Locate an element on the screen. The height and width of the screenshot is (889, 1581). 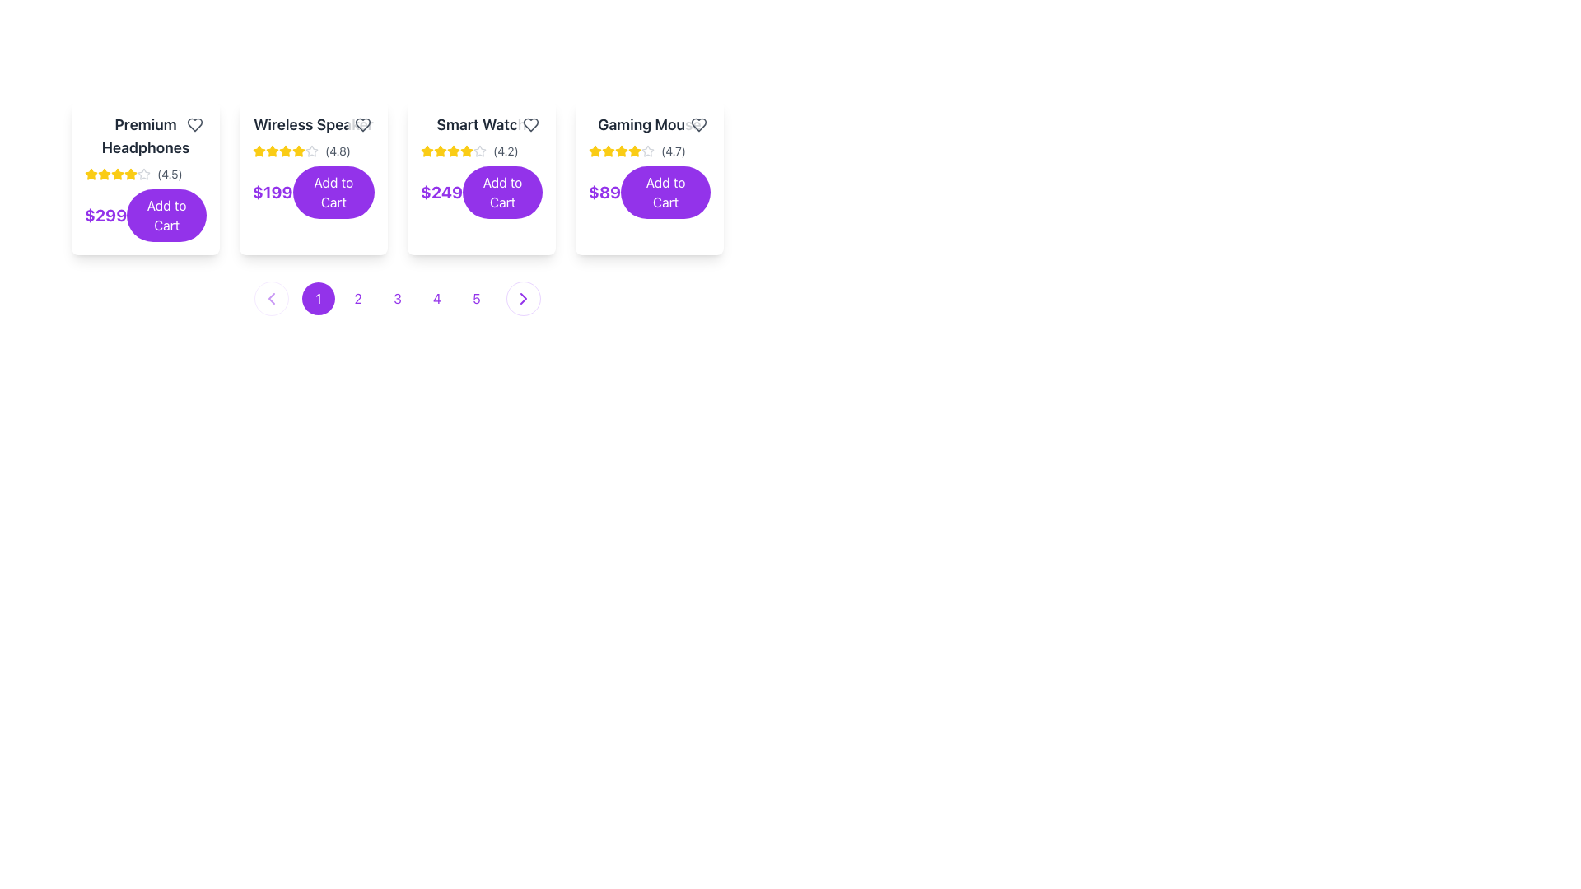
the heart icon located in the upper right corner of the 'Wireless Speakers' card to favorite the item is located at coordinates (362, 123).